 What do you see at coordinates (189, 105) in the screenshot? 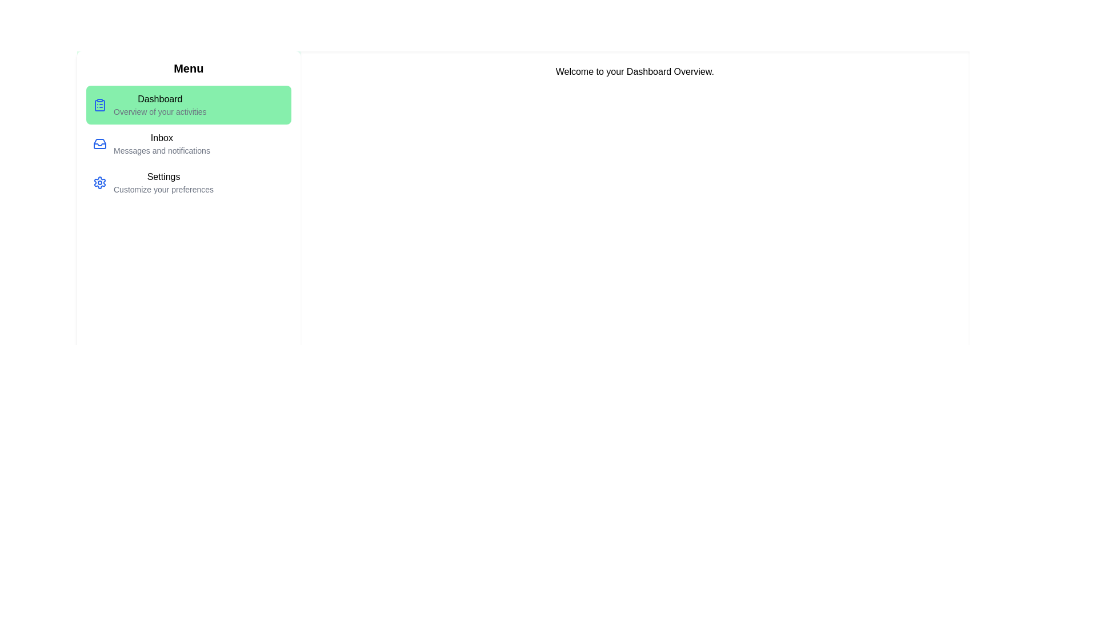
I see `the menu item Dashboard to navigate to the corresponding section` at bounding box center [189, 105].